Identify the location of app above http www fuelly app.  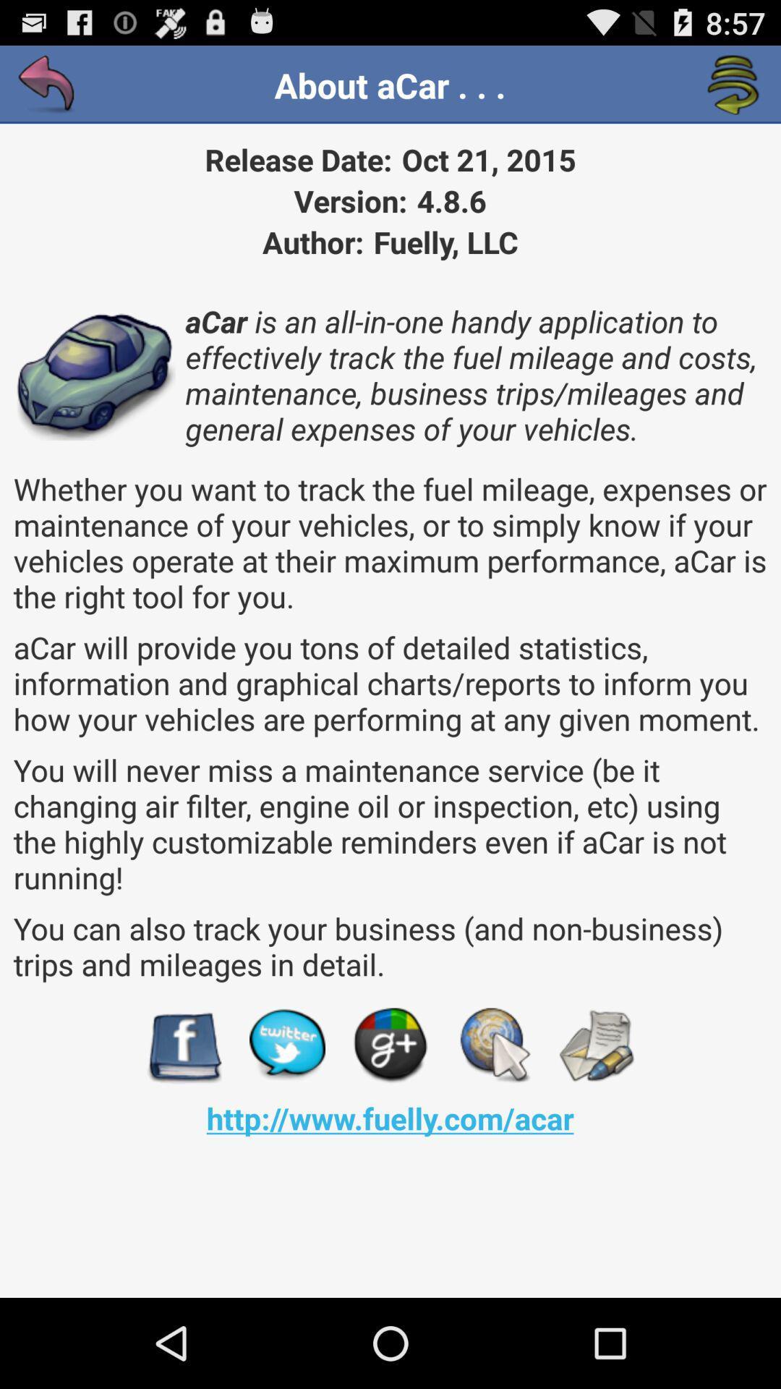
(492, 1045).